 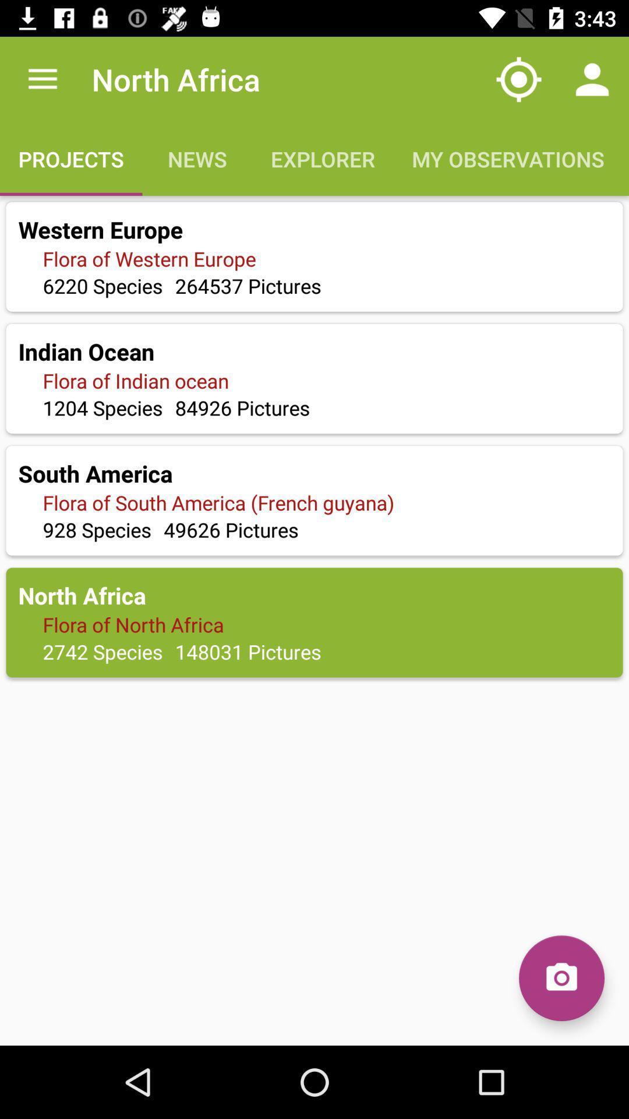 What do you see at coordinates (42, 79) in the screenshot?
I see `item above the projects icon` at bounding box center [42, 79].